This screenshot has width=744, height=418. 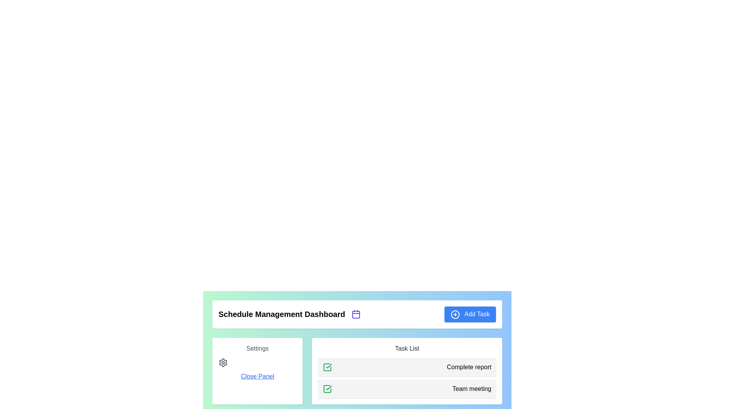 What do you see at coordinates (355, 315) in the screenshot?
I see `the calendar icon body, which is a rectangular SVG element with rounded corners located to the right of the 'Schedule Management Dashboard' text` at bounding box center [355, 315].